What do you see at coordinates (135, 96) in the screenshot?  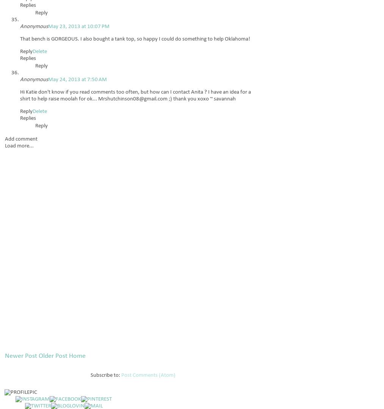 I see `'Hi Katie don't know if you read comments too often, but how can I contact Anita ? I have an idea for a shirt to help raise moolah for ok... Mrshutchinson08@gmail.com ;) thank you xoxo ~ savannah'` at bounding box center [135, 96].